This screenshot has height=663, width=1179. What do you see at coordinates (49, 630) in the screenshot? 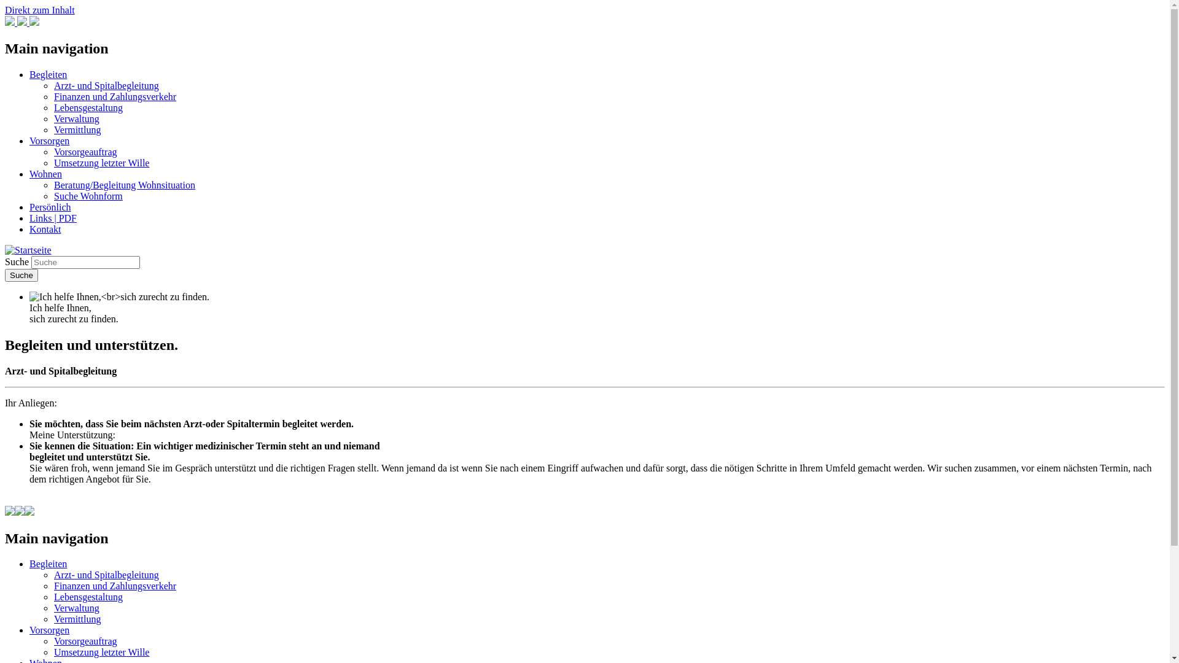
I see `'Vorsorgen'` at bounding box center [49, 630].